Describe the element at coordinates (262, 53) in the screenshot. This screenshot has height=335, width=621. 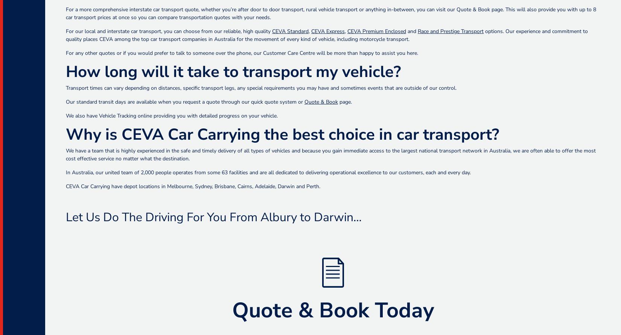
I see `'Customer Care Centre'` at that location.